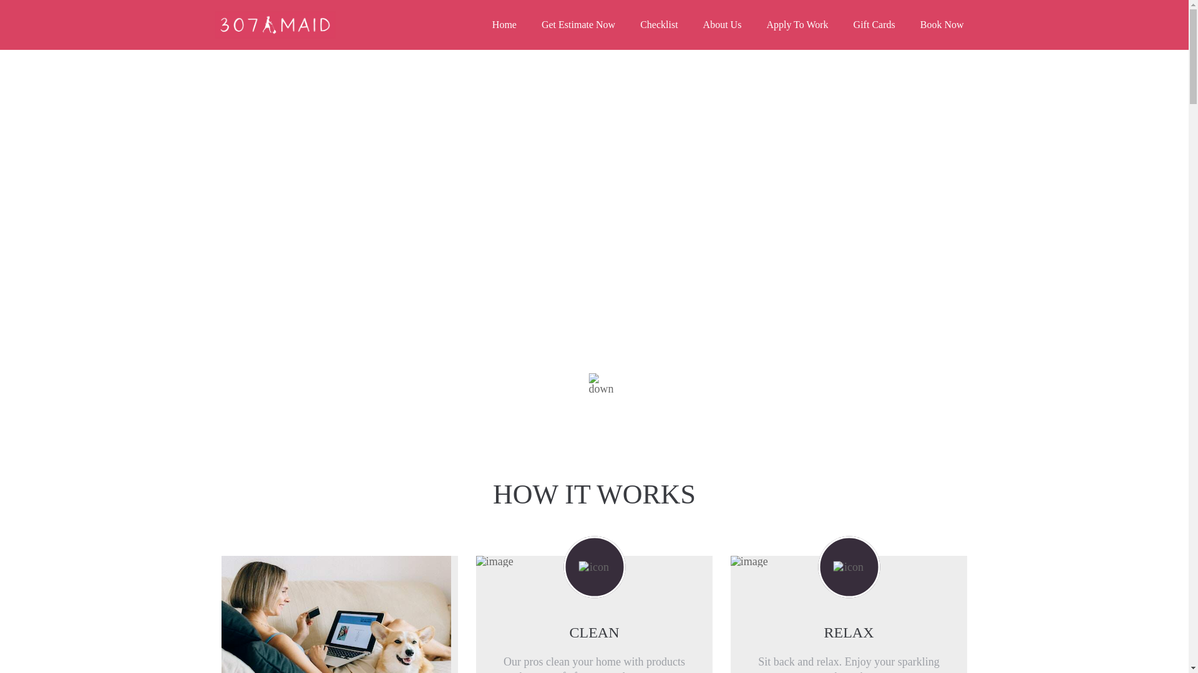 The height and width of the screenshot is (673, 1198). I want to click on 'Get Estimate Now', so click(577, 24).